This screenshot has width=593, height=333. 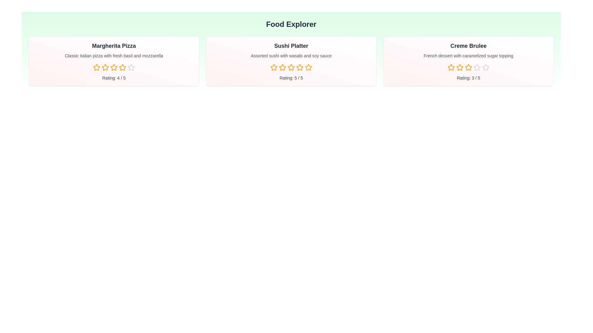 What do you see at coordinates (96, 68) in the screenshot?
I see `the rating for a dish to 1 stars` at bounding box center [96, 68].